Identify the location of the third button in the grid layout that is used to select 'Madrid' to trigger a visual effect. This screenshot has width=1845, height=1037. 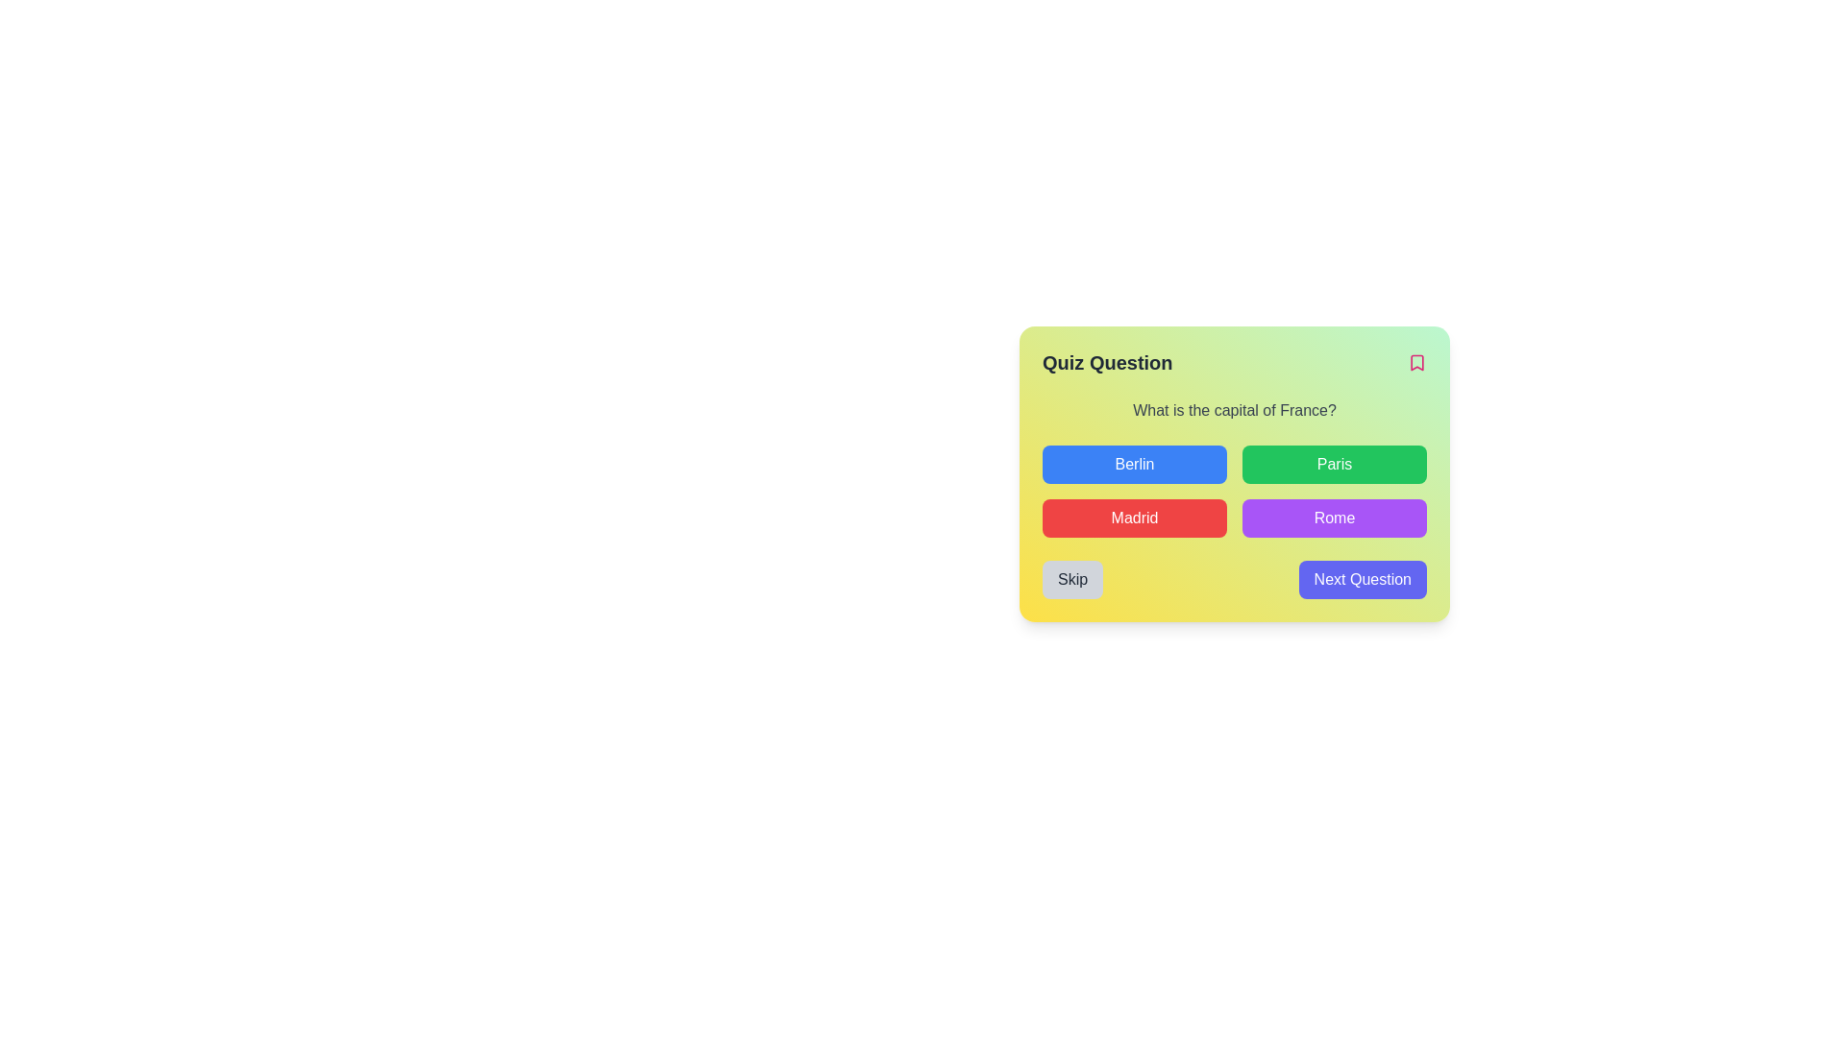
(1134, 518).